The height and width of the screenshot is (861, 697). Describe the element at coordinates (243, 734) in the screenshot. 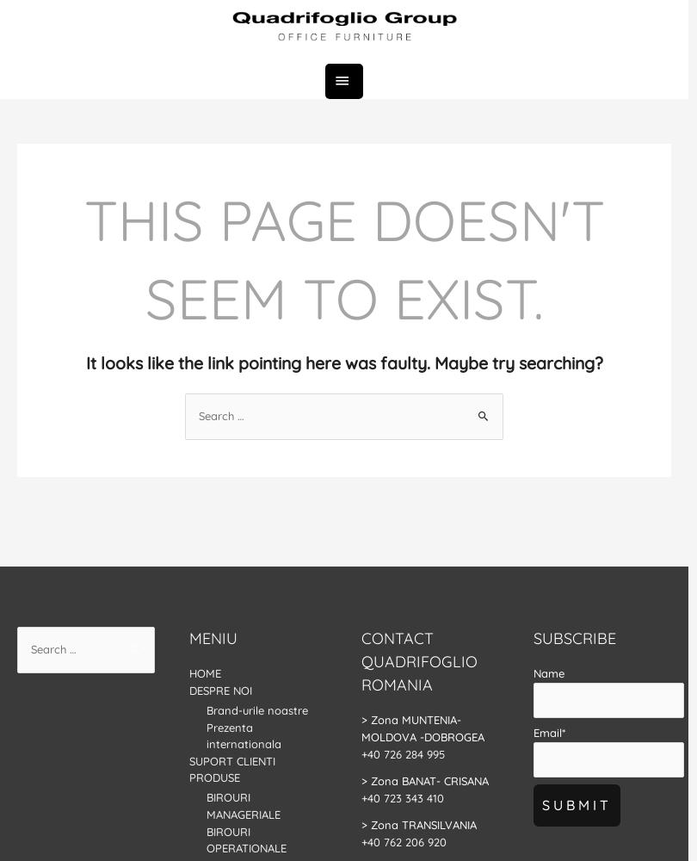

I see `'Prezenta internationala'` at that location.